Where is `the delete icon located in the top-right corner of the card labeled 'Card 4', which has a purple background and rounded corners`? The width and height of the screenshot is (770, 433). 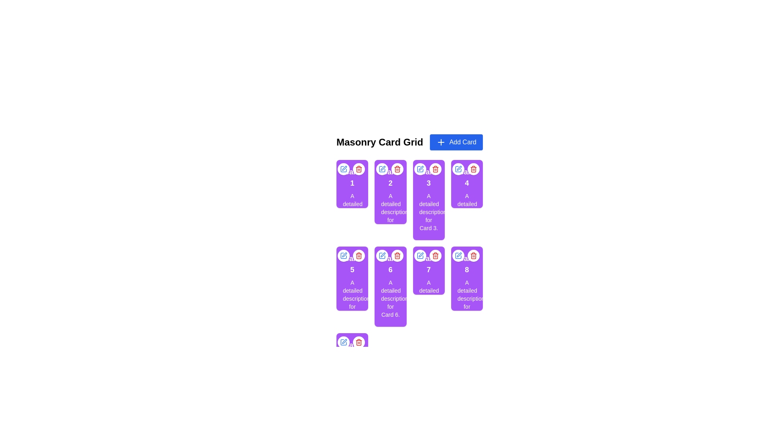 the delete icon located in the top-right corner of the card labeled 'Card 4', which has a purple background and rounded corners is located at coordinates (467, 184).